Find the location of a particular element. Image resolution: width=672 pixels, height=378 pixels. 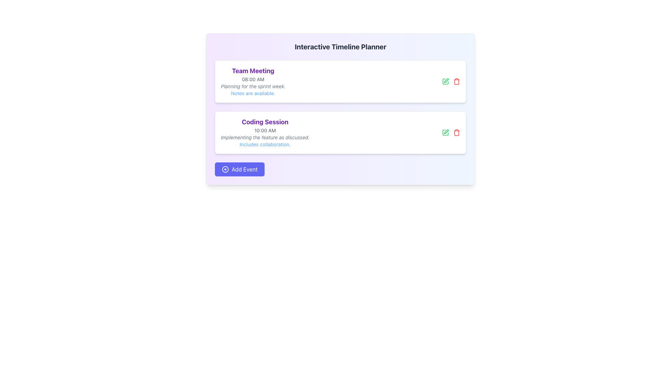

the time indicator text label for the 'Coding Session' event, which is located below the 'Coding Session' header and above the description text is located at coordinates (265, 131).